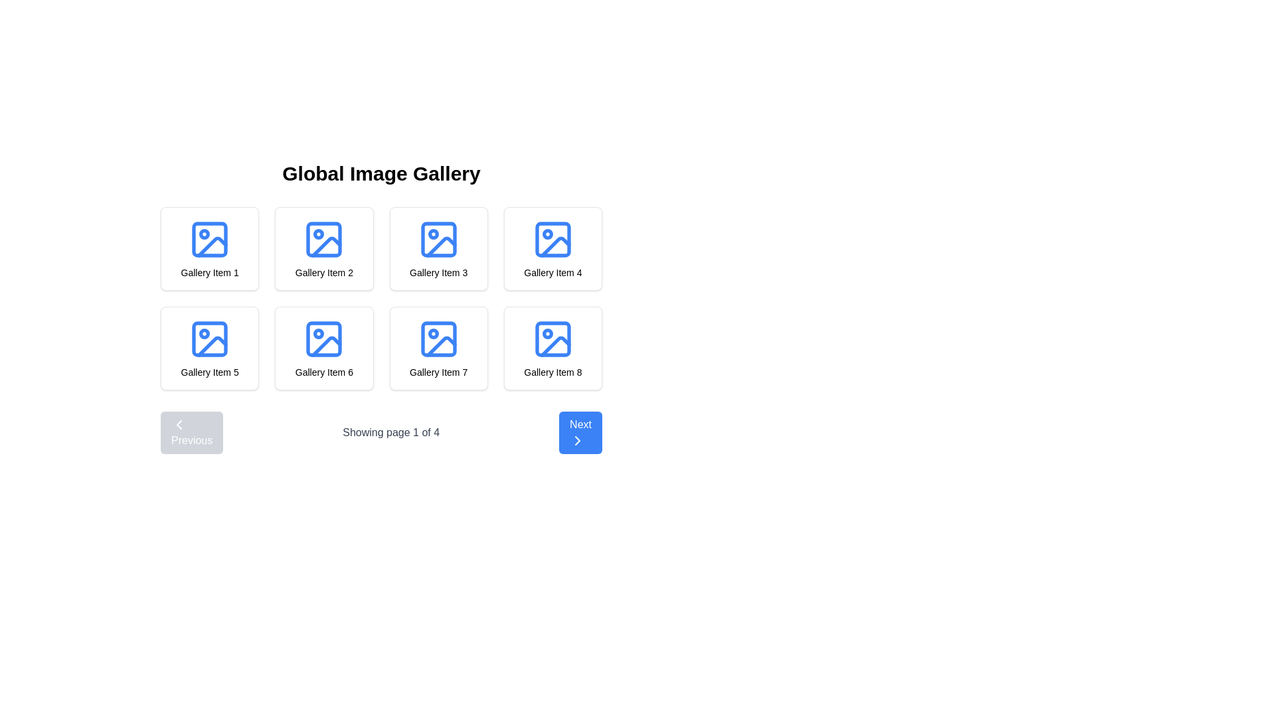 The width and height of the screenshot is (1275, 717). Describe the element at coordinates (324, 240) in the screenshot. I see `the icon representing 'Gallery Item 2', which is located in the second gallery item of the first row in the grid` at that location.